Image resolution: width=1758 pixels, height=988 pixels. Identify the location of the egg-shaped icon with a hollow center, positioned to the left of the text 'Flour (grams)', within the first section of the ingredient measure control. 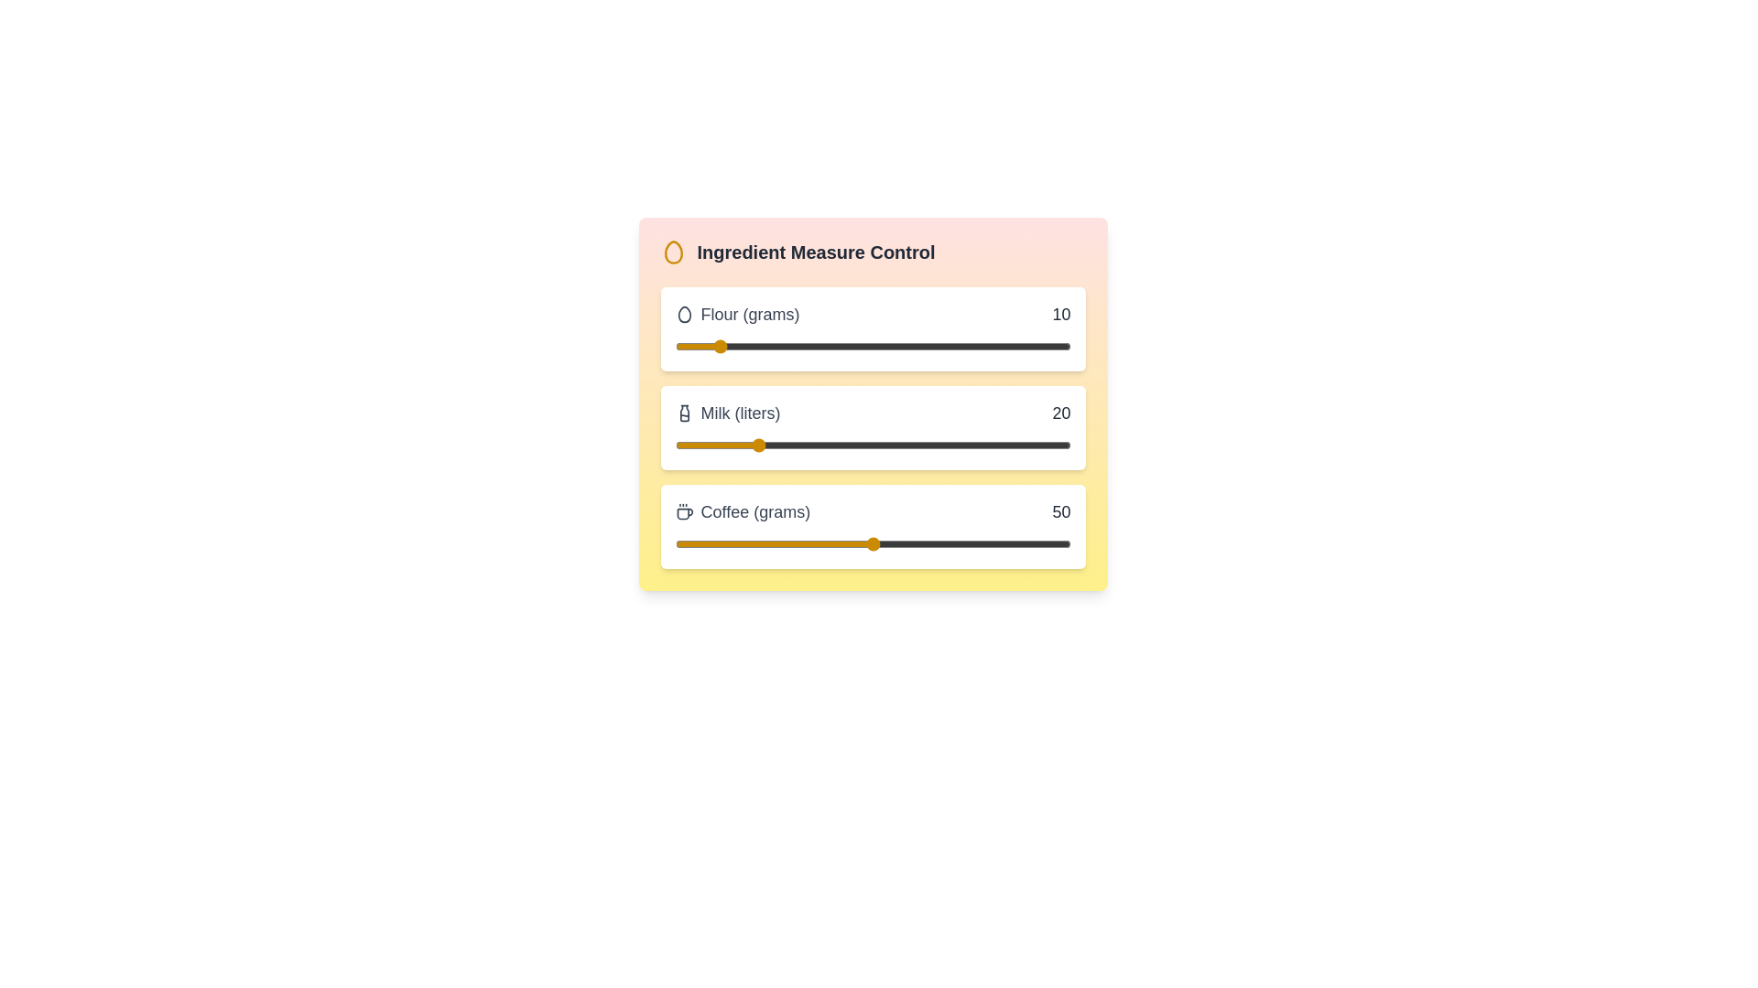
(683, 313).